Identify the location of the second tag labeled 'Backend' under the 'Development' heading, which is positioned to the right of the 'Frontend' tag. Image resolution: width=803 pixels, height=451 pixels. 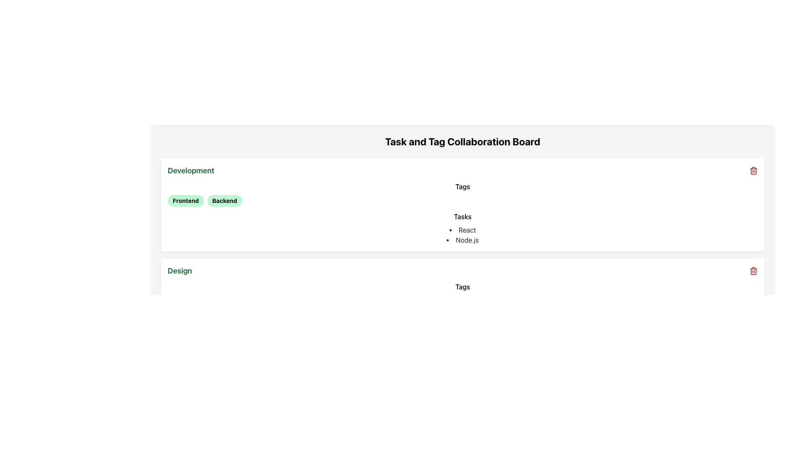
(225, 201).